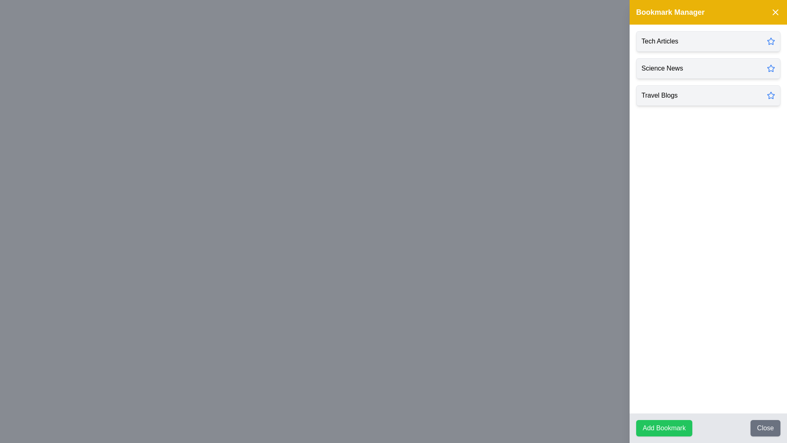 The image size is (787, 443). I want to click on the interactive icon located at the top-right corner of the 'Travel Blogs' card, so click(771, 95).